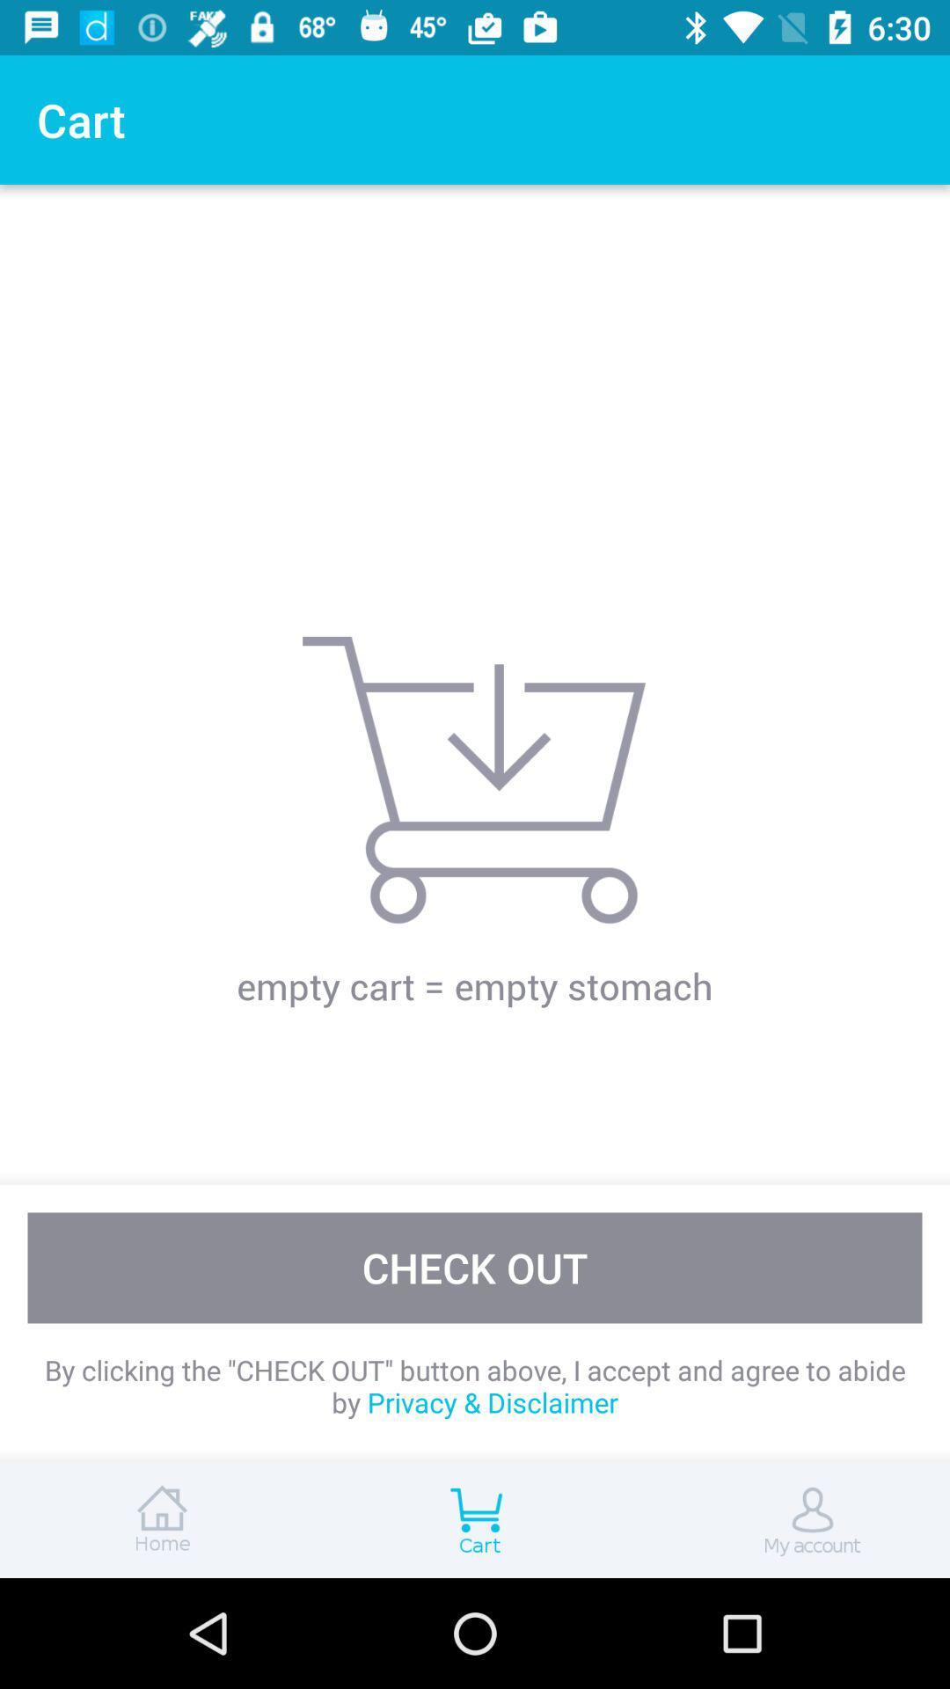 This screenshot has height=1689, width=950. What do you see at coordinates (475, 1385) in the screenshot?
I see `icon below check out` at bounding box center [475, 1385].